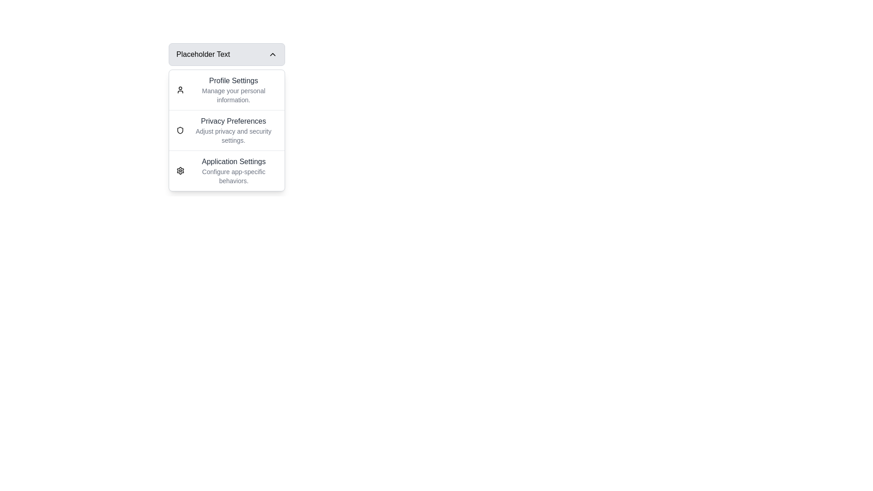 The image size is (873, 491). What do you see at coordinates (234, 170) in the screenshot?
I see `the 'Application Settings' menu item, which is located in the bottommost row of options within a dropdown UI, featuring a bold title and a subtitle` at bounding box center [234, 170].